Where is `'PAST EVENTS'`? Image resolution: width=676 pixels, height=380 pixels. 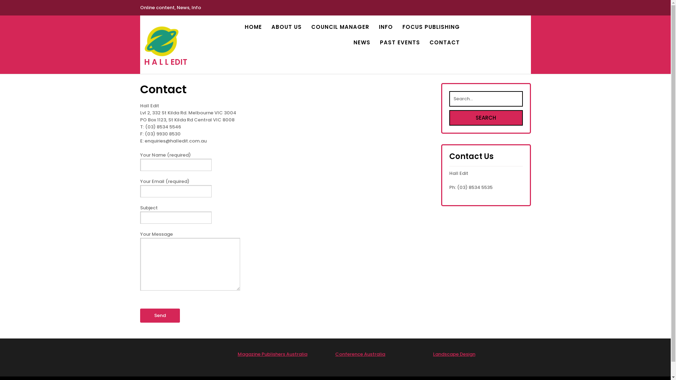 'PAST EVENTS' is located at coordinates (399, 42).